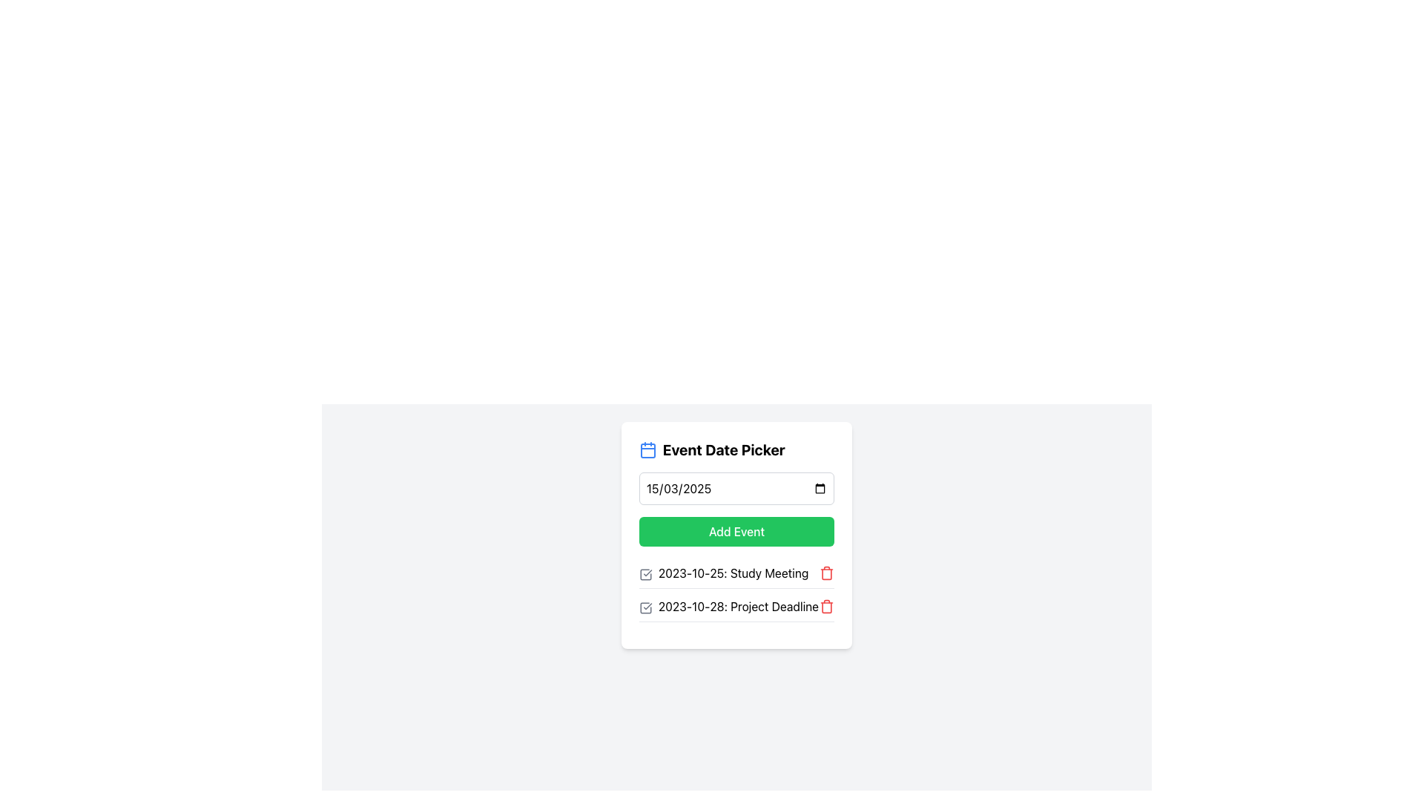 Image resolution: width=1424 pixels, height=801 pixels. Describe the element at coordinates (736, 576) in the screenshot. I see `the Text Label that provides information about a scheduled event, located above the entry for '2023-10-28: Project Deadline'` at that location.